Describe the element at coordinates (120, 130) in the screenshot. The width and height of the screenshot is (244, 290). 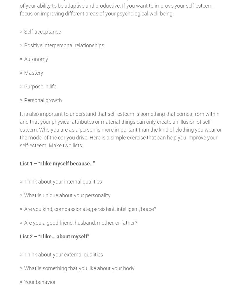
I see `'It is also important to understand that self-esteem is something that comes from within and that your physical attributes or material things can only create an illusion of self-esteem. Who you are as a person is more important than the kind of clothing you wear or the model of the car you drive. Here is a simple exercise that can help you improve your self-esteem. Make two lists:'` at that location.